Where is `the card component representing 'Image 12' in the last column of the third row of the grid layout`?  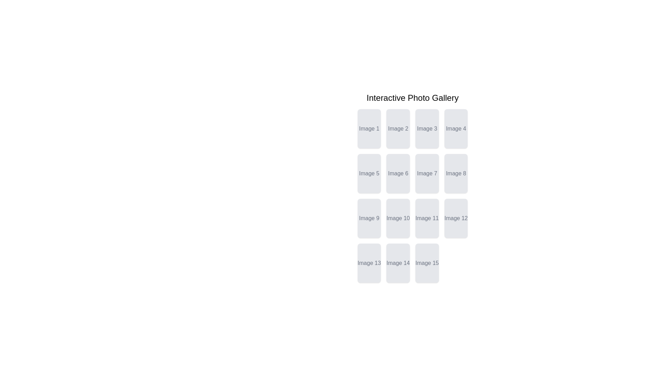 the card component representing 'Image 12' in the last column of the third row of the grid layout is located at coordinates (456, 218).